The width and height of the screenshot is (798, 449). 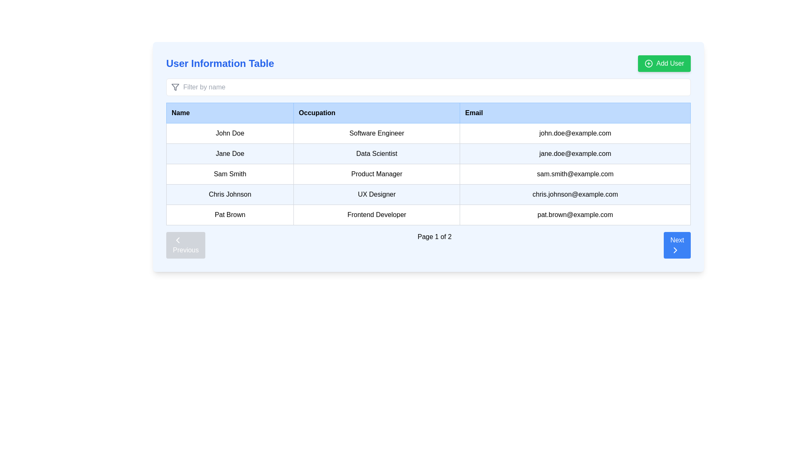 I want to click on displayed text 'Chris Johnson' from the Text label located in the fourth row of the 'Name' column within the table, so click(x=230, y=194).